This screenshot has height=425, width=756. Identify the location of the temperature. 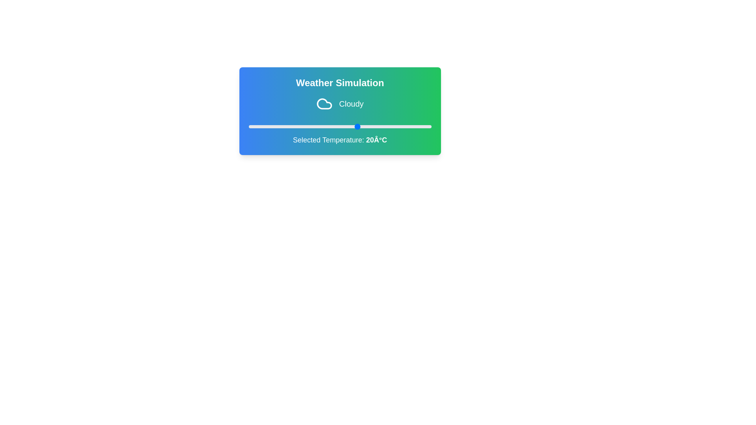
(267, 126).